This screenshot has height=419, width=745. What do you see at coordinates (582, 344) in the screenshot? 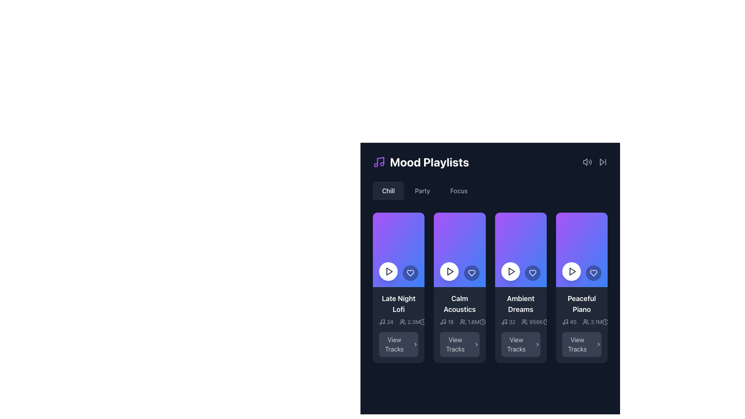
I see `the 'View Tracks' button located at the bottom section of the 'Peaceful Piano' playlist card` at bounding box center [582, 344].